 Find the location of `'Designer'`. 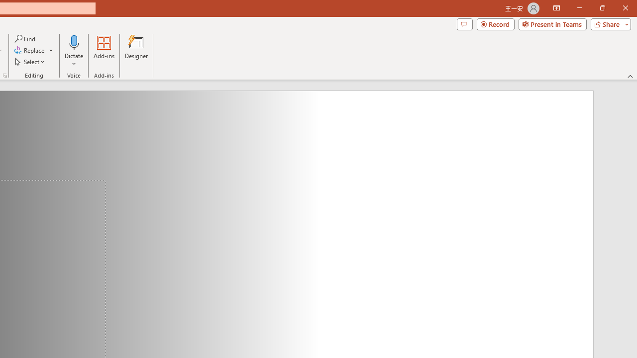

'Designer' is located at coordinates (136, 51).